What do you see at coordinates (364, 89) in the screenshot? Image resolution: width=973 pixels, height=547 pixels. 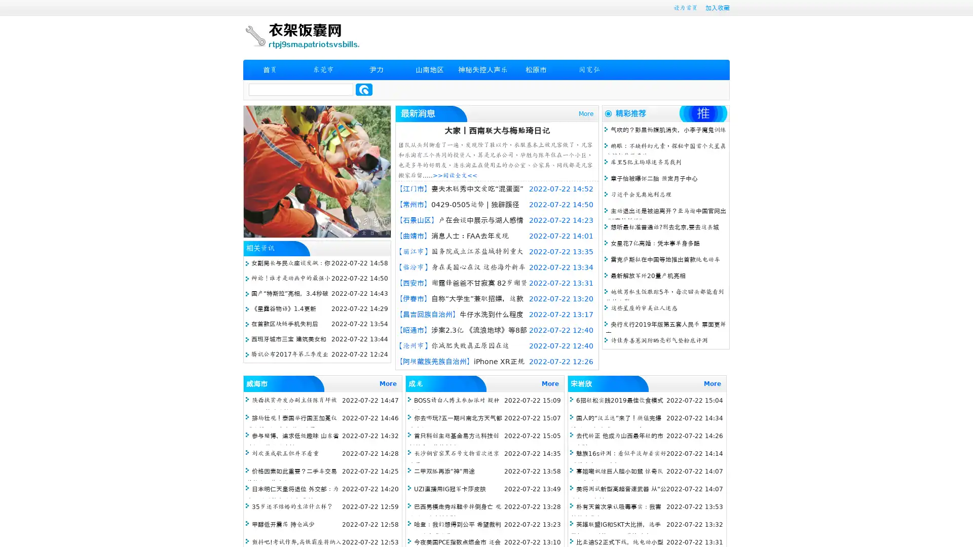 I see `Search` at bounding box center [364, 89].